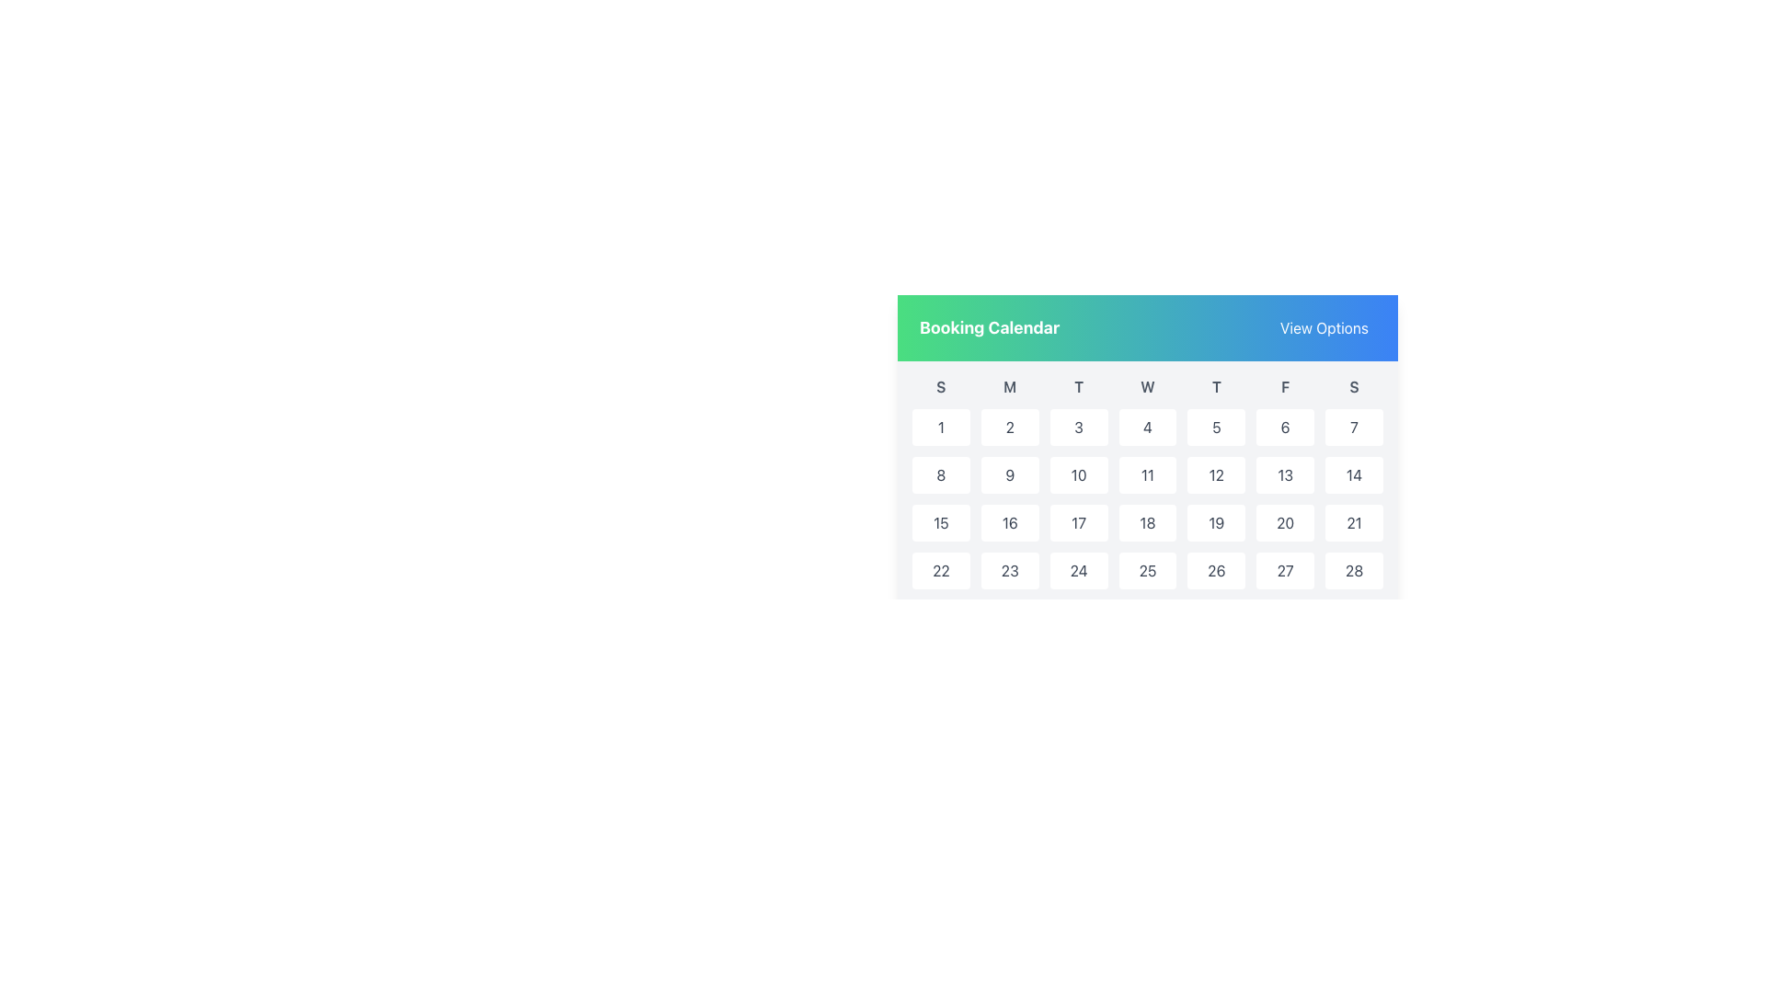 The height and width of the screenshot is (993, 1766). What do you see at coordinates (1216, 428) in the screenshot?
I see `the Static Label displaying the number '5' located in the first row and fifth column of the calendar grid under the 'T' column label` at bounding box center [1216, 428].